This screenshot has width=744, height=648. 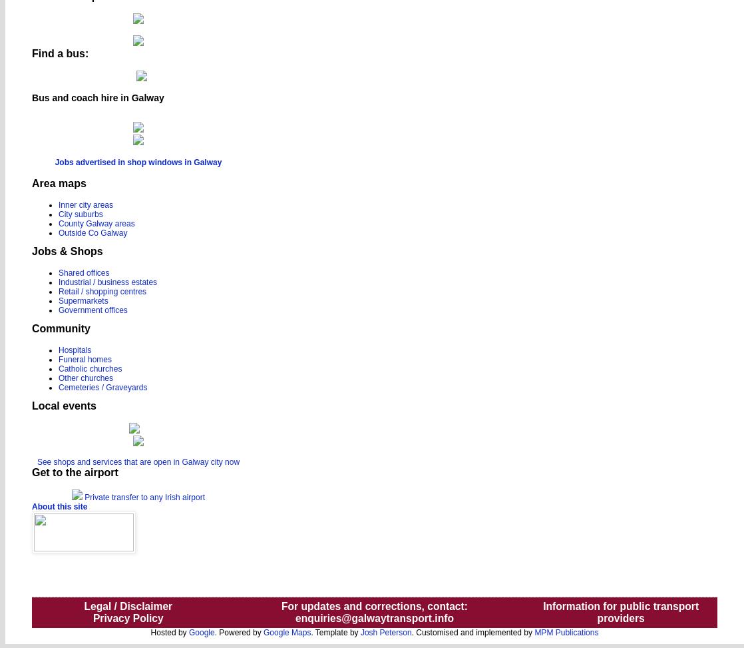 I want to click on 'Josh Peterson', so click(x=385, y=631).